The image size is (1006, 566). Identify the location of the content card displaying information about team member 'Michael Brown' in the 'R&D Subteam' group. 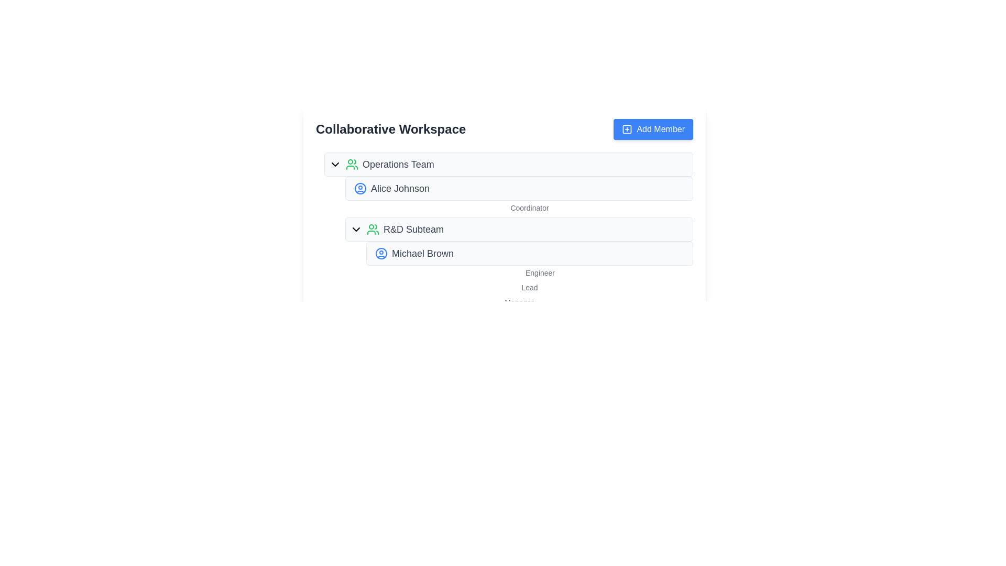
(519, 255).